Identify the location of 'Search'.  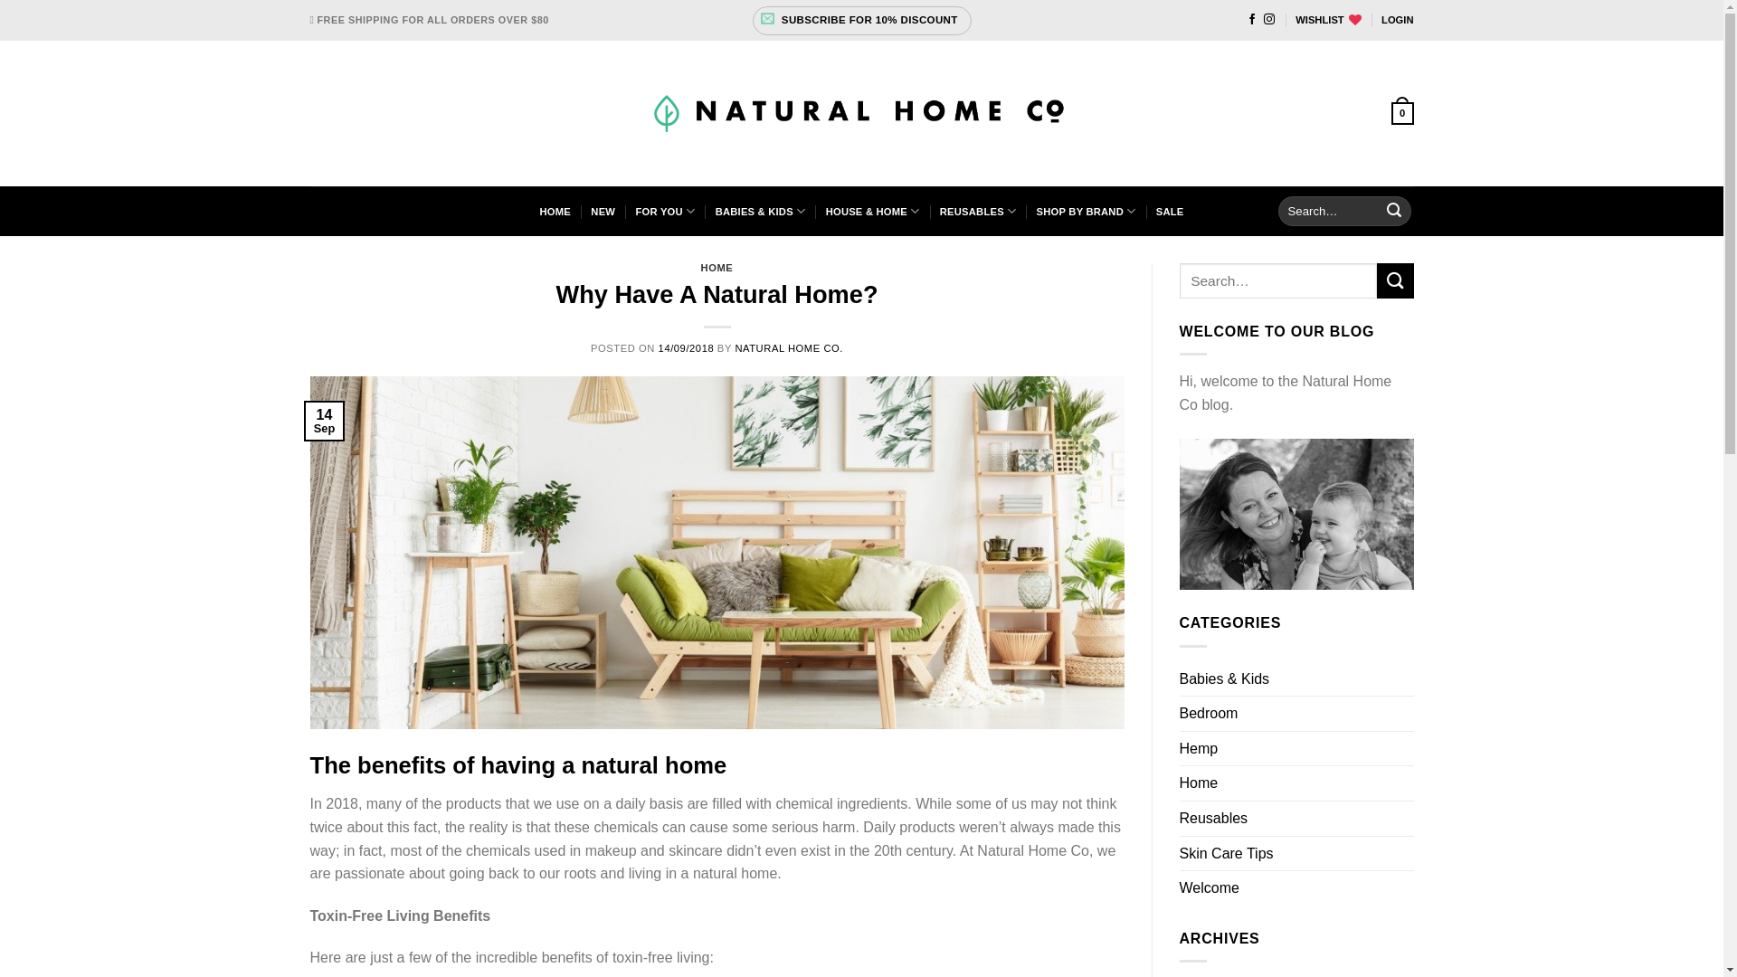
(1392, 211).